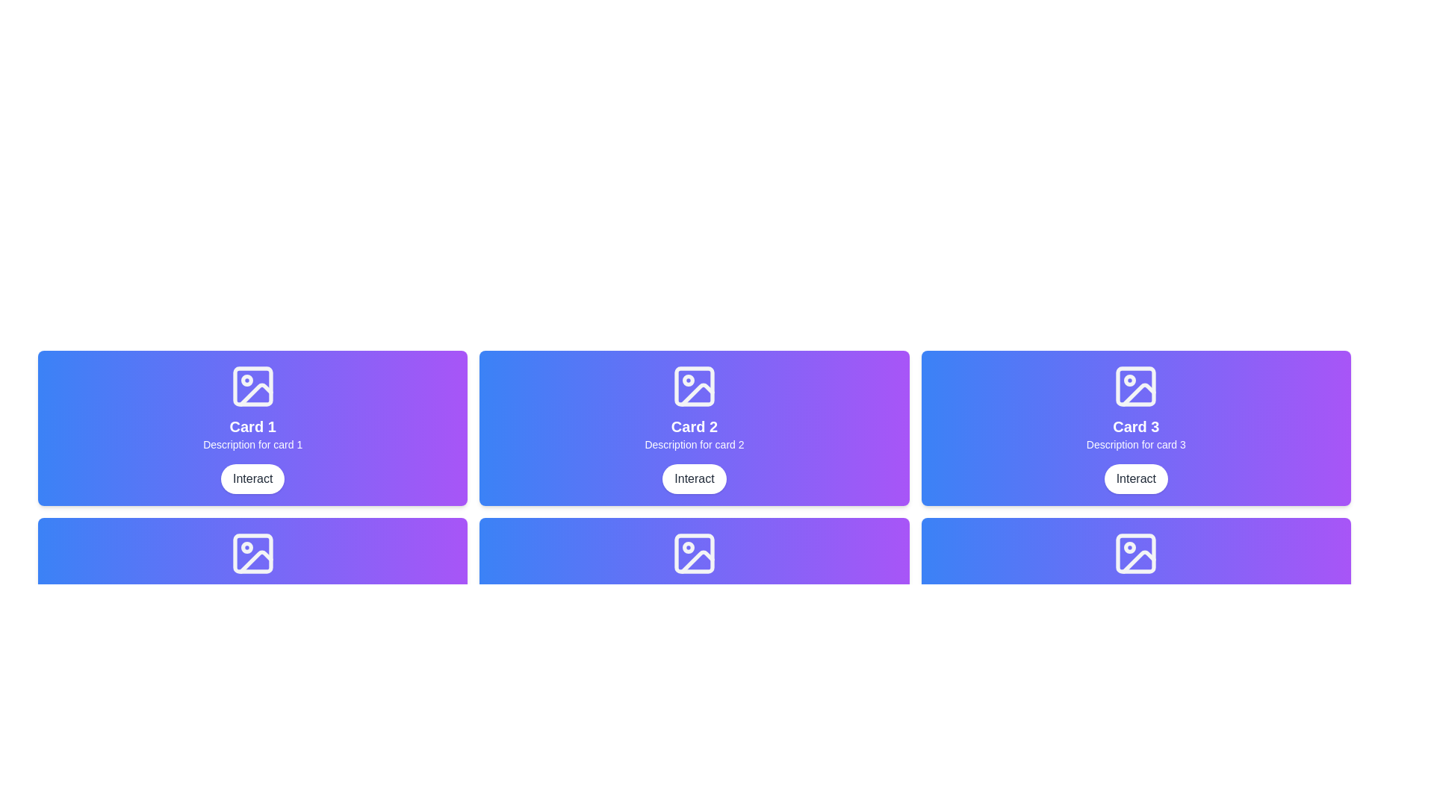 The width and height of the screenshot is (1434, 806). Describe the element at coordinates (1135, 478) in the screenshot. I see `the white button labeled 'Interact' located at the bottom center of the third card` at that location.